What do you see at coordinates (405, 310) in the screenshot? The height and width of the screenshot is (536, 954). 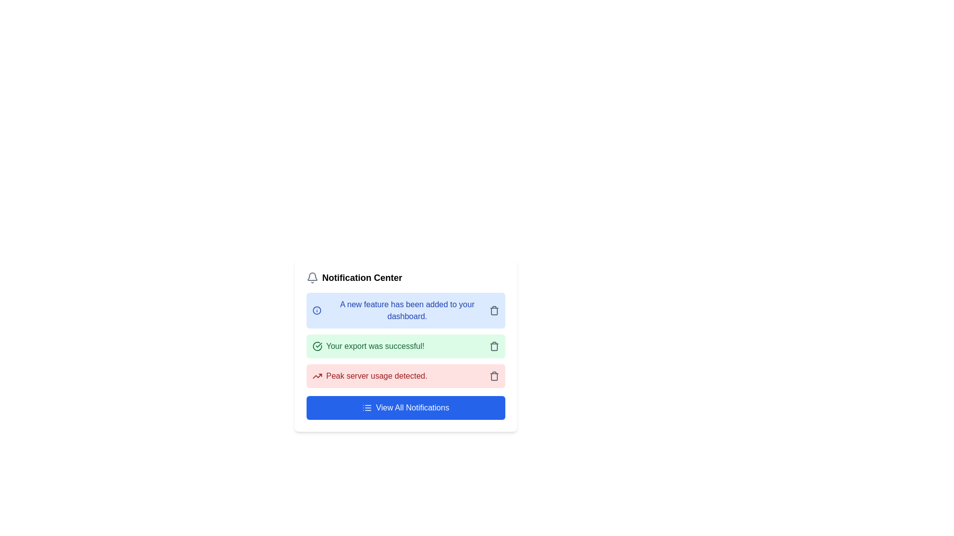 I see `the Notification card that informs the user about the addition of a new feature within their dashboard, located in the Notification Center list` at bounding box center [405, 310].